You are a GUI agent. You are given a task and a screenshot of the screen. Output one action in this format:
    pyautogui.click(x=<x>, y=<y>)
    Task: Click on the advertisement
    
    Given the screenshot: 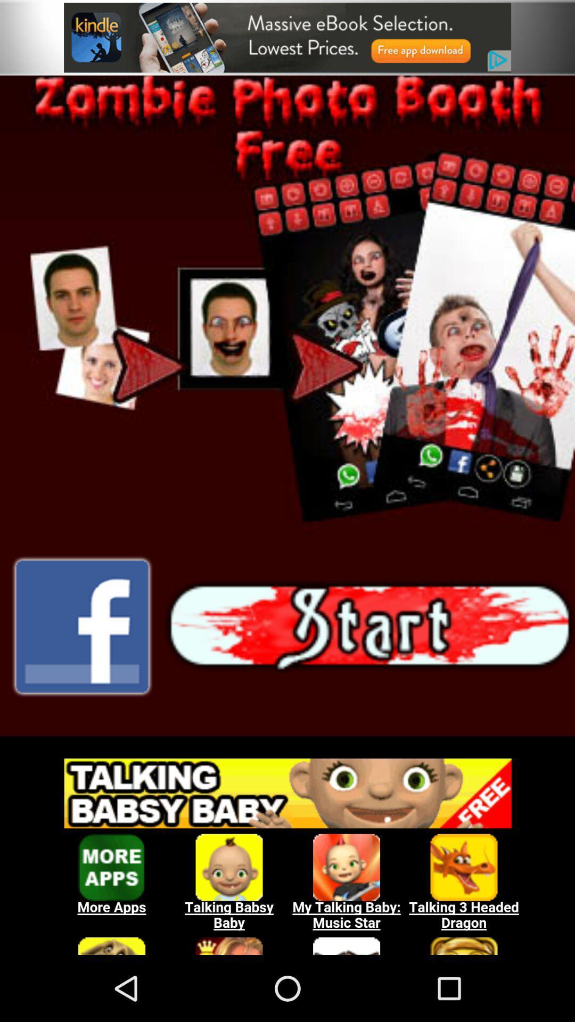 What is the action you would take?
    pyautogui.click(x=287, y=37)
    